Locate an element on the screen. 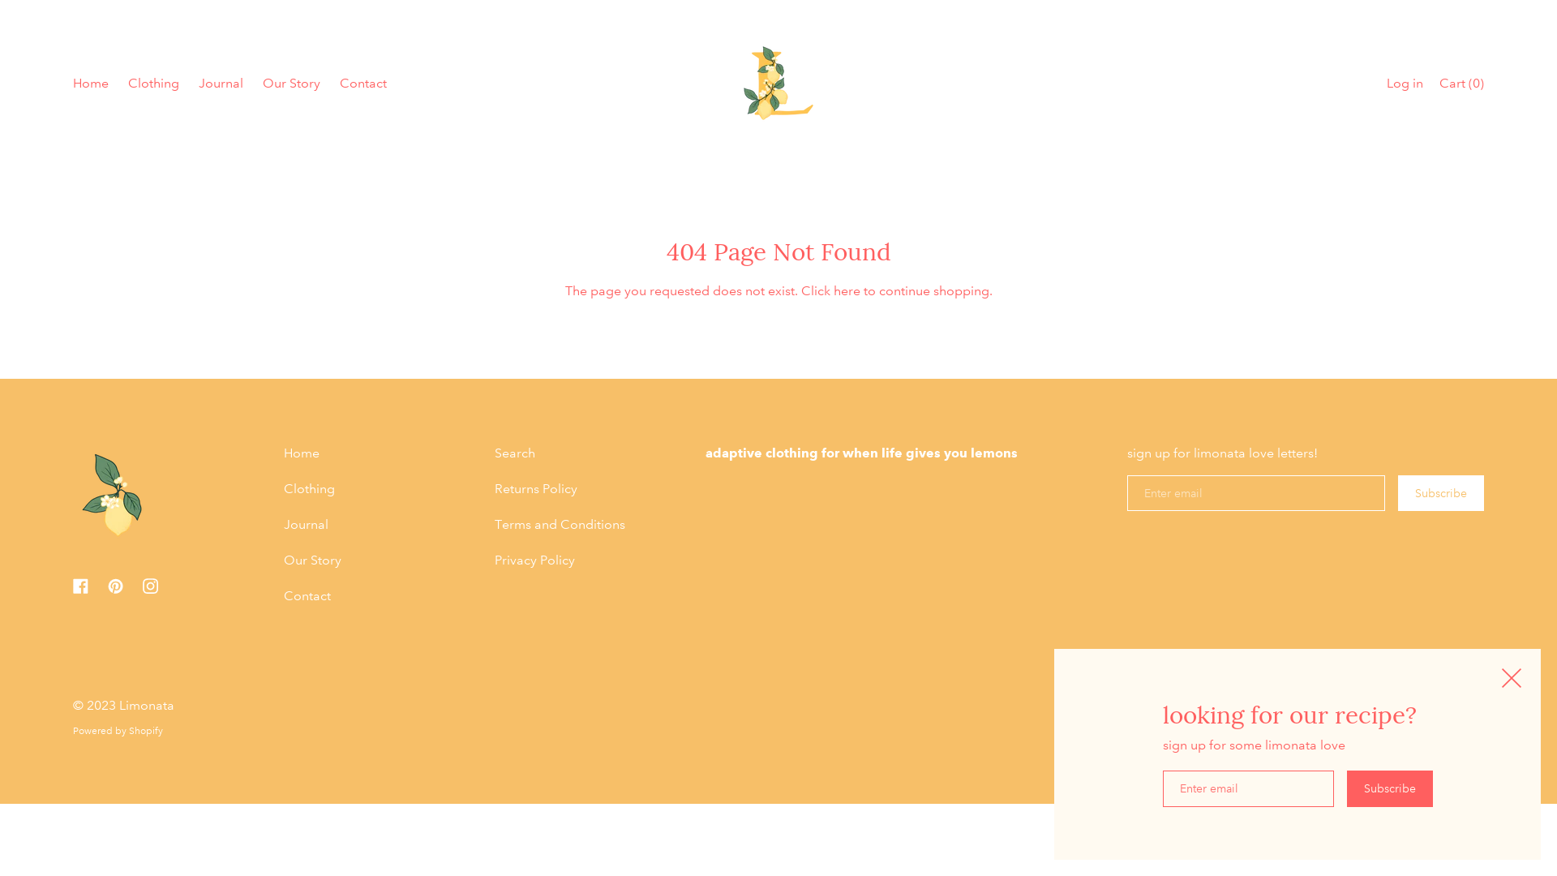  'Search' is located at coordinates (513, 453).